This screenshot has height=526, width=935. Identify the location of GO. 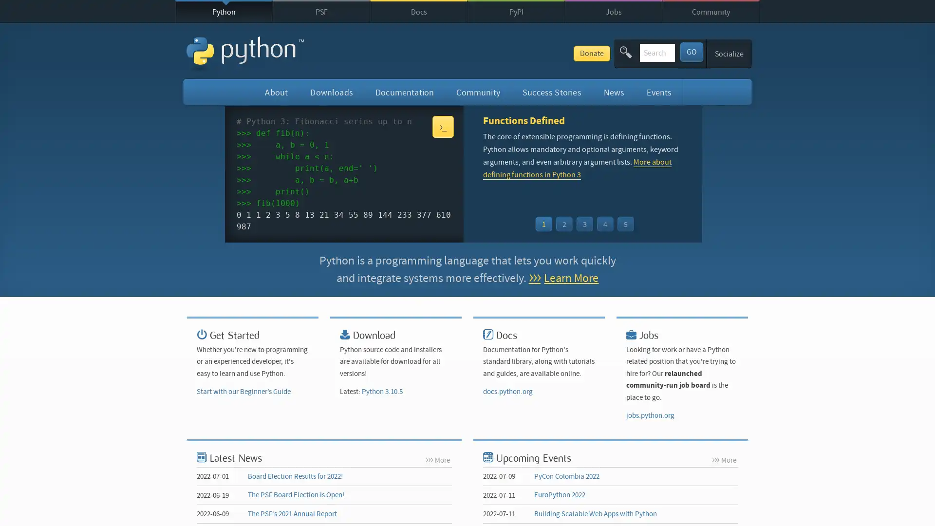
(691, 51).